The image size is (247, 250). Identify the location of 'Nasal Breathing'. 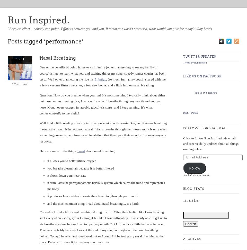
(58, 58).